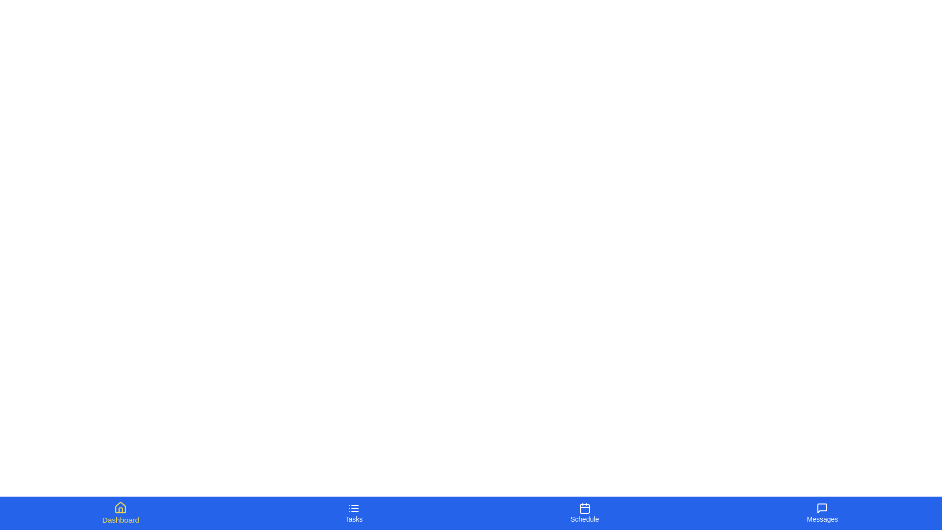 The height and width of the screenshot is (530, 942). What do you see at coordinates (120, 512) in the screenshot?
I see `the tab labeled Dashboard` at bounding box center [120, 512].